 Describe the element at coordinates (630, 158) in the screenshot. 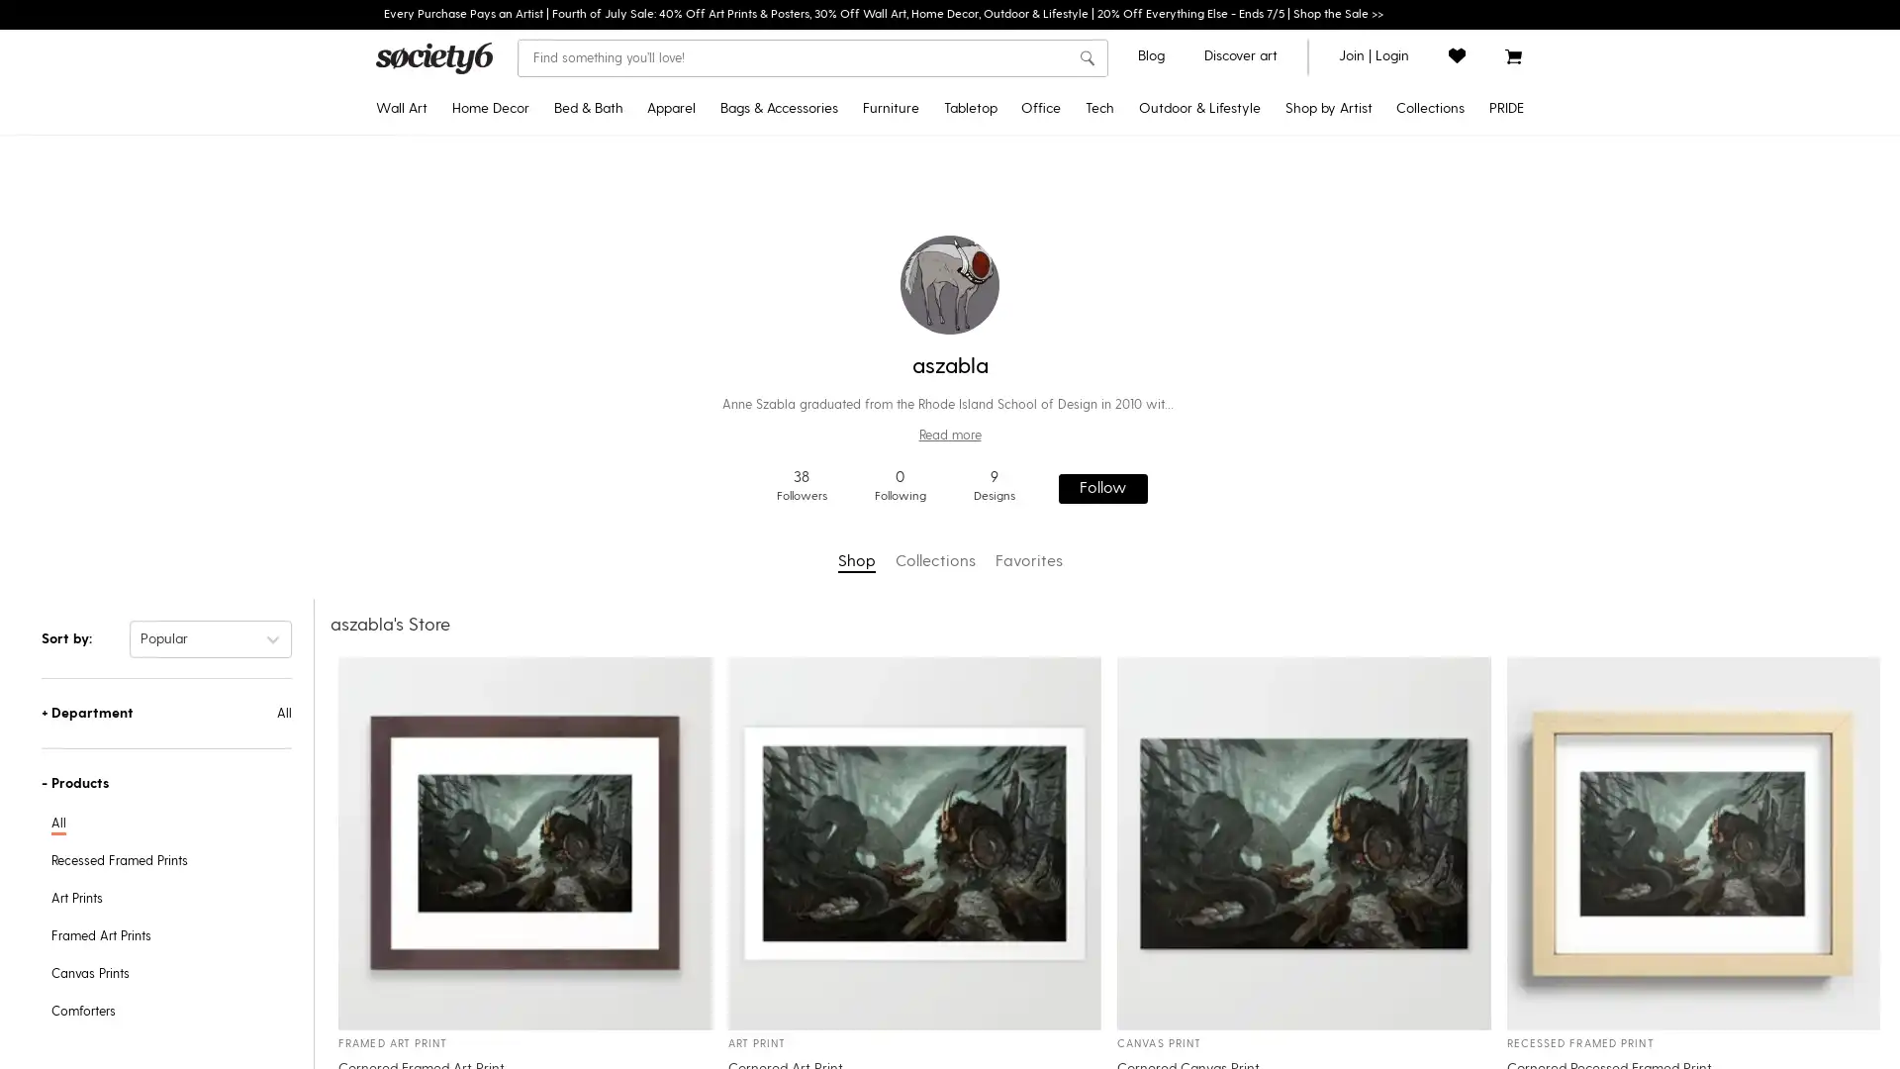

I see `Comforters` at that location.